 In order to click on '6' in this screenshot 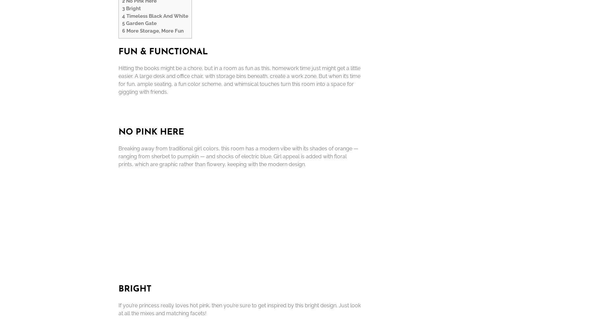, I will do `click(123, 31)`.